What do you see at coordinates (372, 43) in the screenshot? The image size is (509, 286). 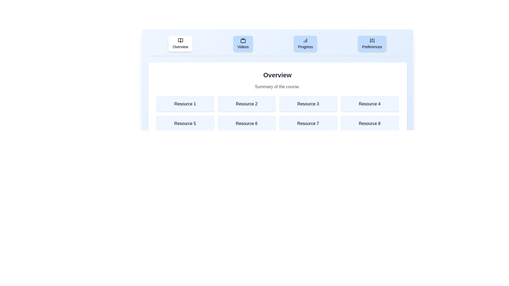 I see `the tab labeled Preferences to view its content` at bounding box center [372, 43].